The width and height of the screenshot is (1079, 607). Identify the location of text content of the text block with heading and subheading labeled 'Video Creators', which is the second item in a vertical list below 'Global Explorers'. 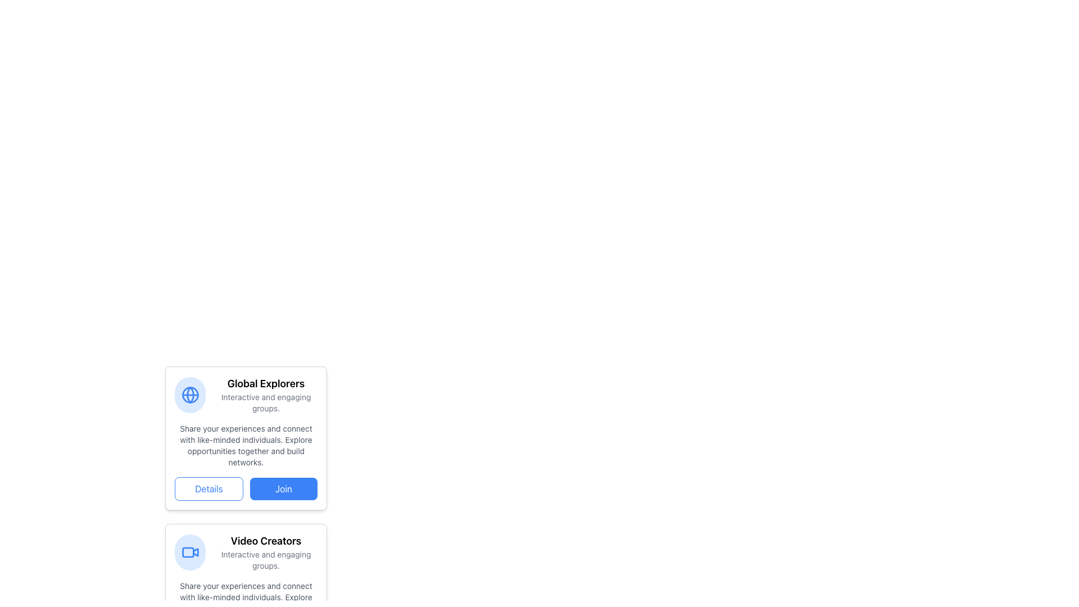
(265, 552).